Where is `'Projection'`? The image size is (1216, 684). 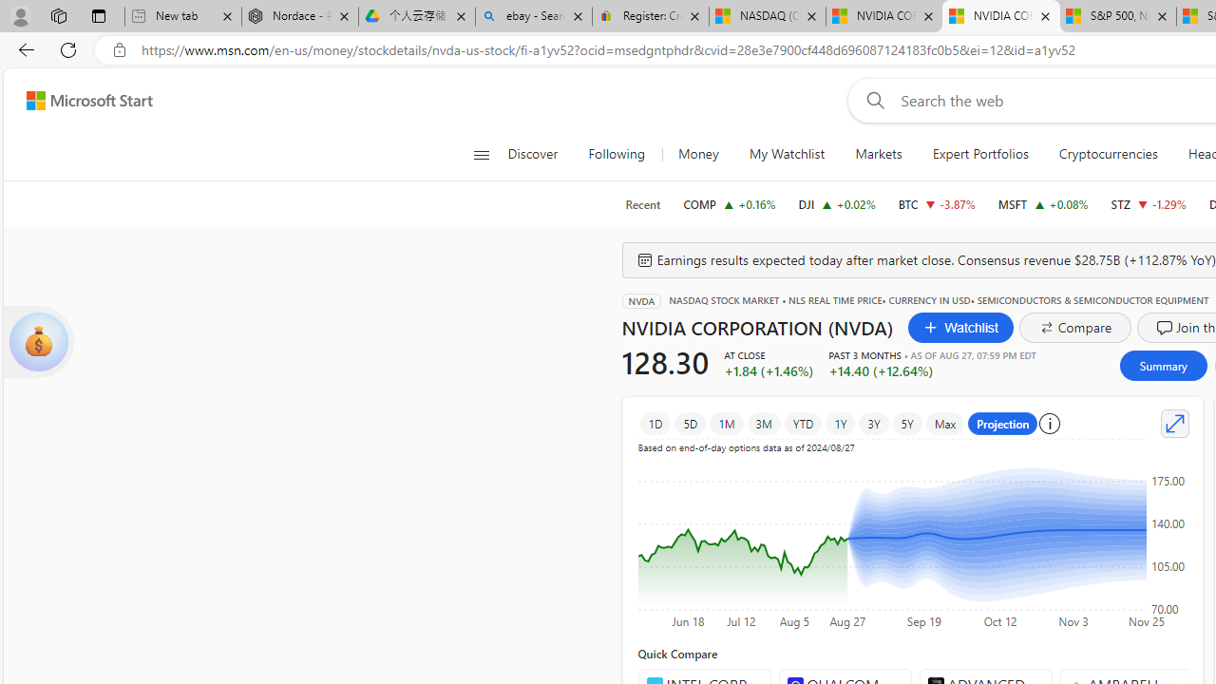 'Projection' is located at coordinates (1002, 423).